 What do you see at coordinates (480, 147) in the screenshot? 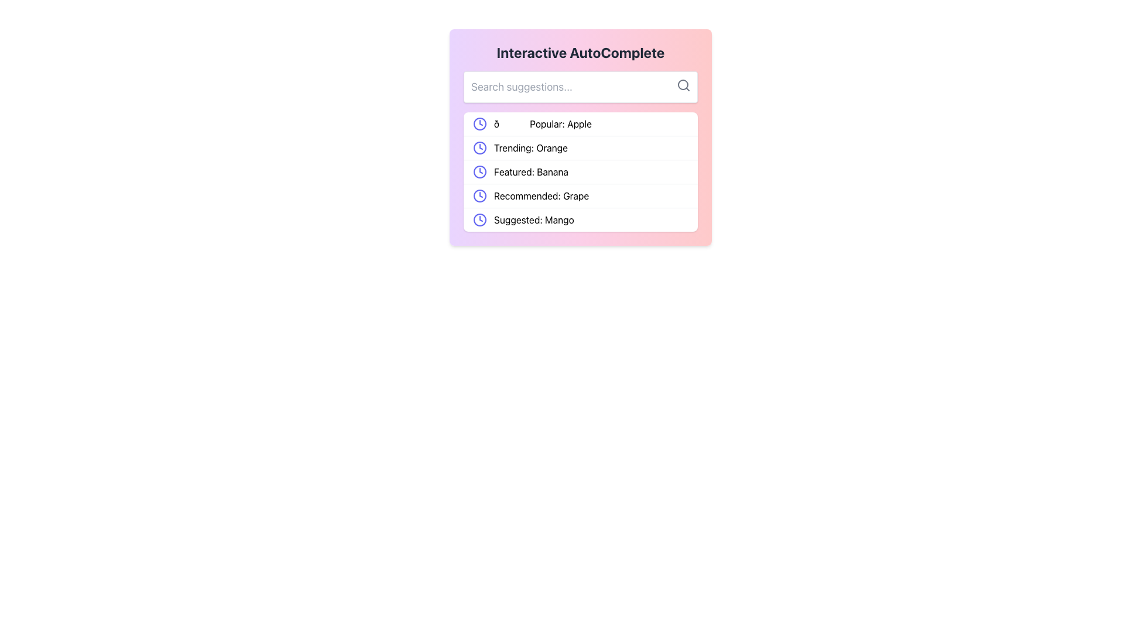
I see `the circular outline of the clock icon that is part of the 'Trending: Orange' text in the second row of items` at bounding box center [480, 147].